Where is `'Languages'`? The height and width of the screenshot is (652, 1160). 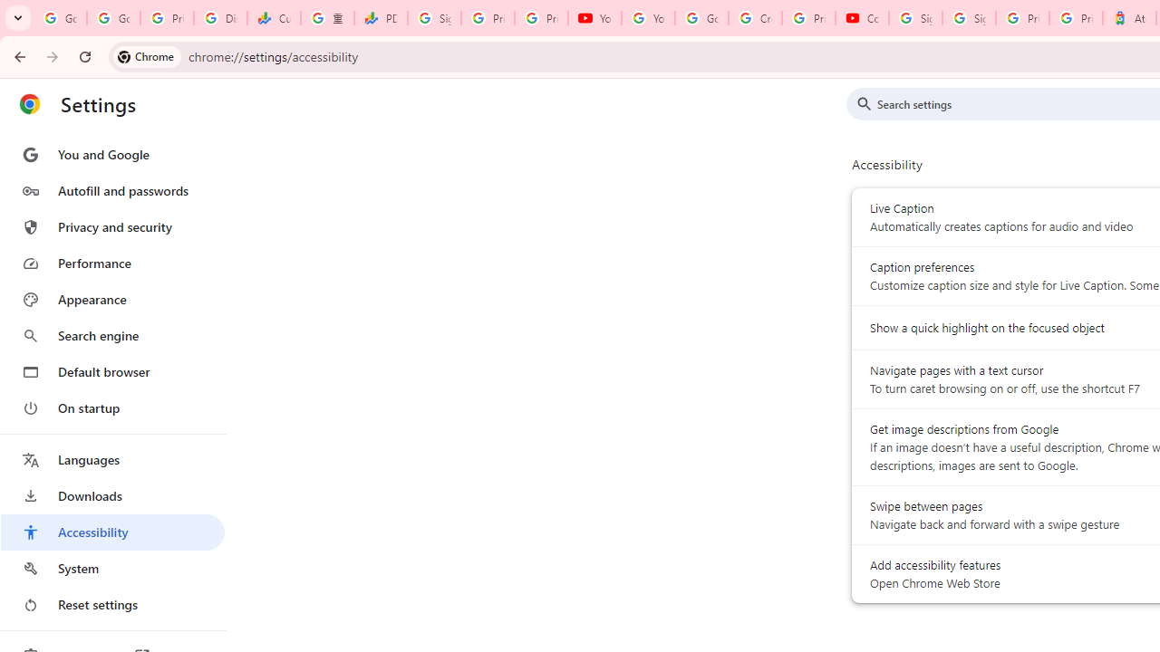 'Languages' is located at coordinates (111, 458).